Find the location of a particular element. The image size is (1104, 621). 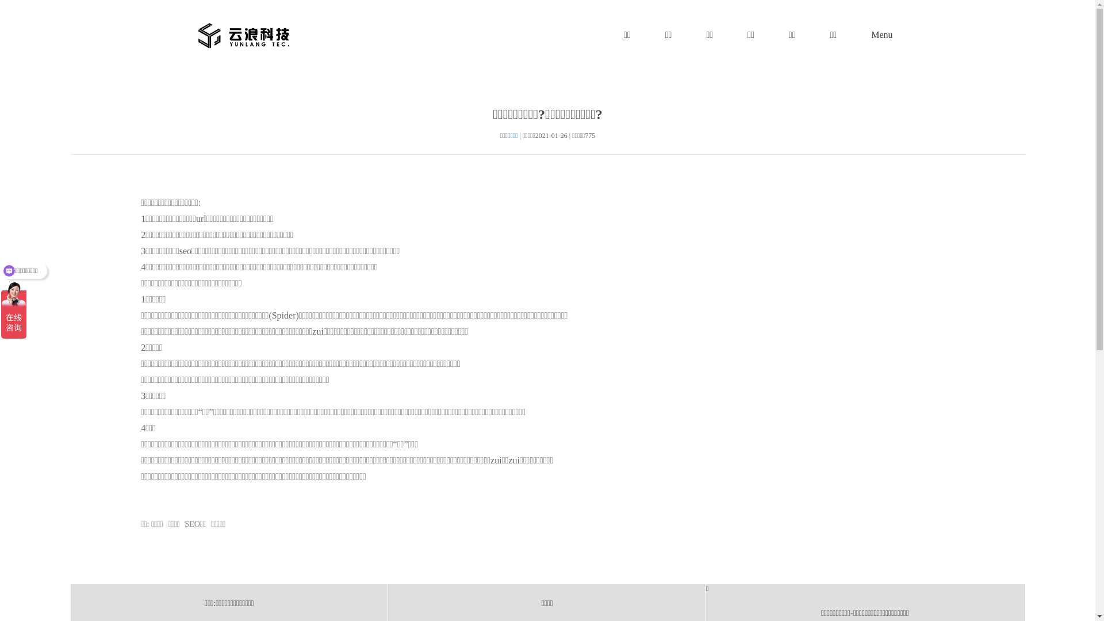

'Menu' is located at coordinates (881, 34).